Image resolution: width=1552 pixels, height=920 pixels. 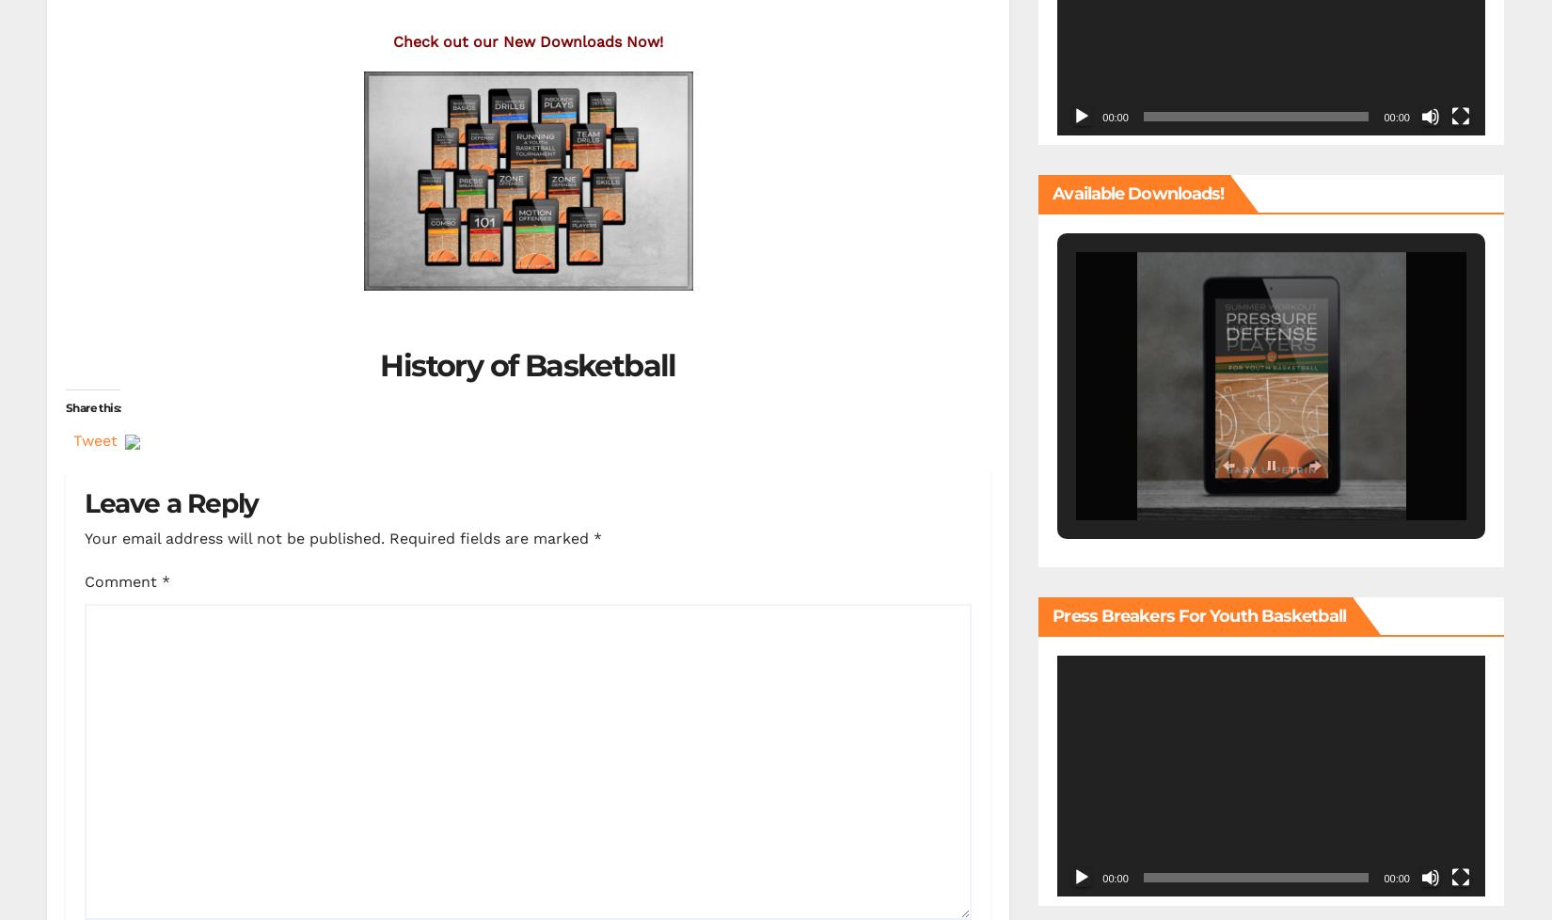 What do you see at coordinates (234, 537) in the screenshot?
I see `'Your email address will not be published.'` at bounding box center [234, 537].